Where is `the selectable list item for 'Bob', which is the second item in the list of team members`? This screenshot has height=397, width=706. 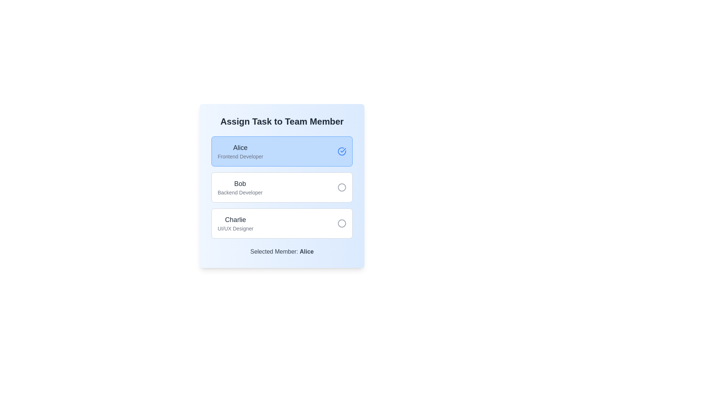 the selectable list item for 'Bob', which is the second item in the list of team members is located at coordinates (282, 187).